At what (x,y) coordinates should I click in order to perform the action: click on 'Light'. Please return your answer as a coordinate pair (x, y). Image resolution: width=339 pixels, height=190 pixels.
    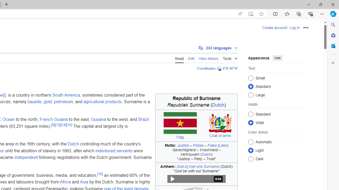
    Looking at the image, I should click on (251, 150).